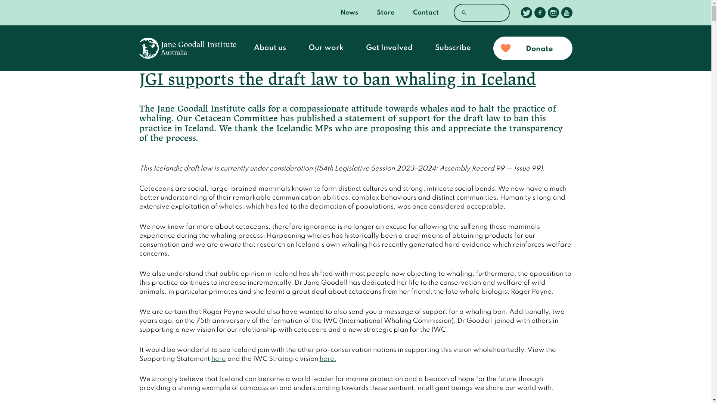  I want to click on 'News', so click(348, 13).